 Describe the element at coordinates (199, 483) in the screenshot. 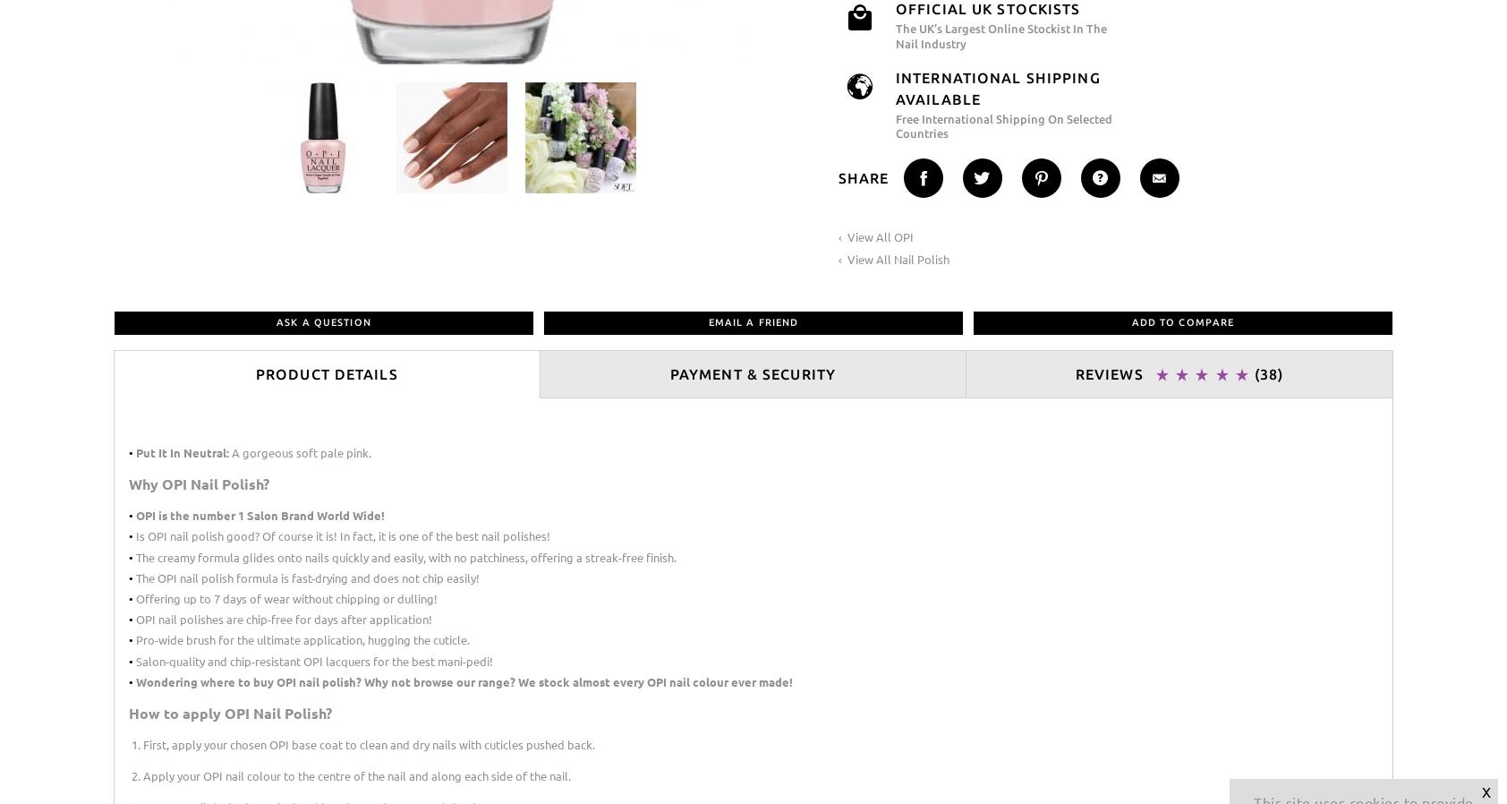

I see `'Why OPI Nail Polish?'` at that location.